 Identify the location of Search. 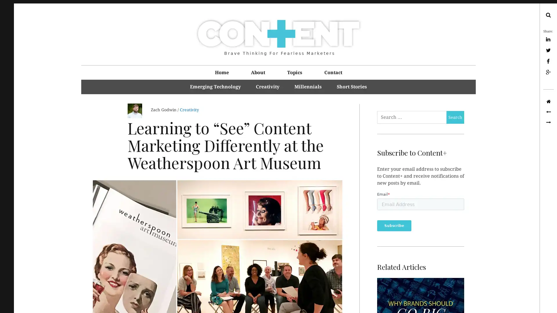
(455, 117).